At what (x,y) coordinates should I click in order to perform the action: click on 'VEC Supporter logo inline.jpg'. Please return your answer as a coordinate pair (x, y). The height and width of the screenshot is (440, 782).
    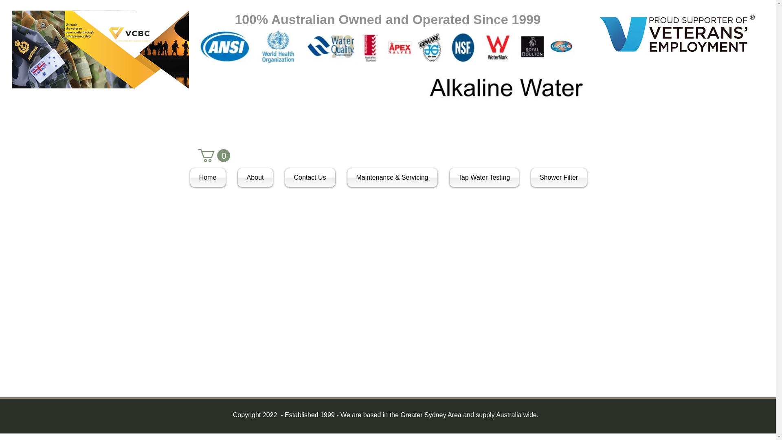
    Looking at the image, I should click on (677, 33).